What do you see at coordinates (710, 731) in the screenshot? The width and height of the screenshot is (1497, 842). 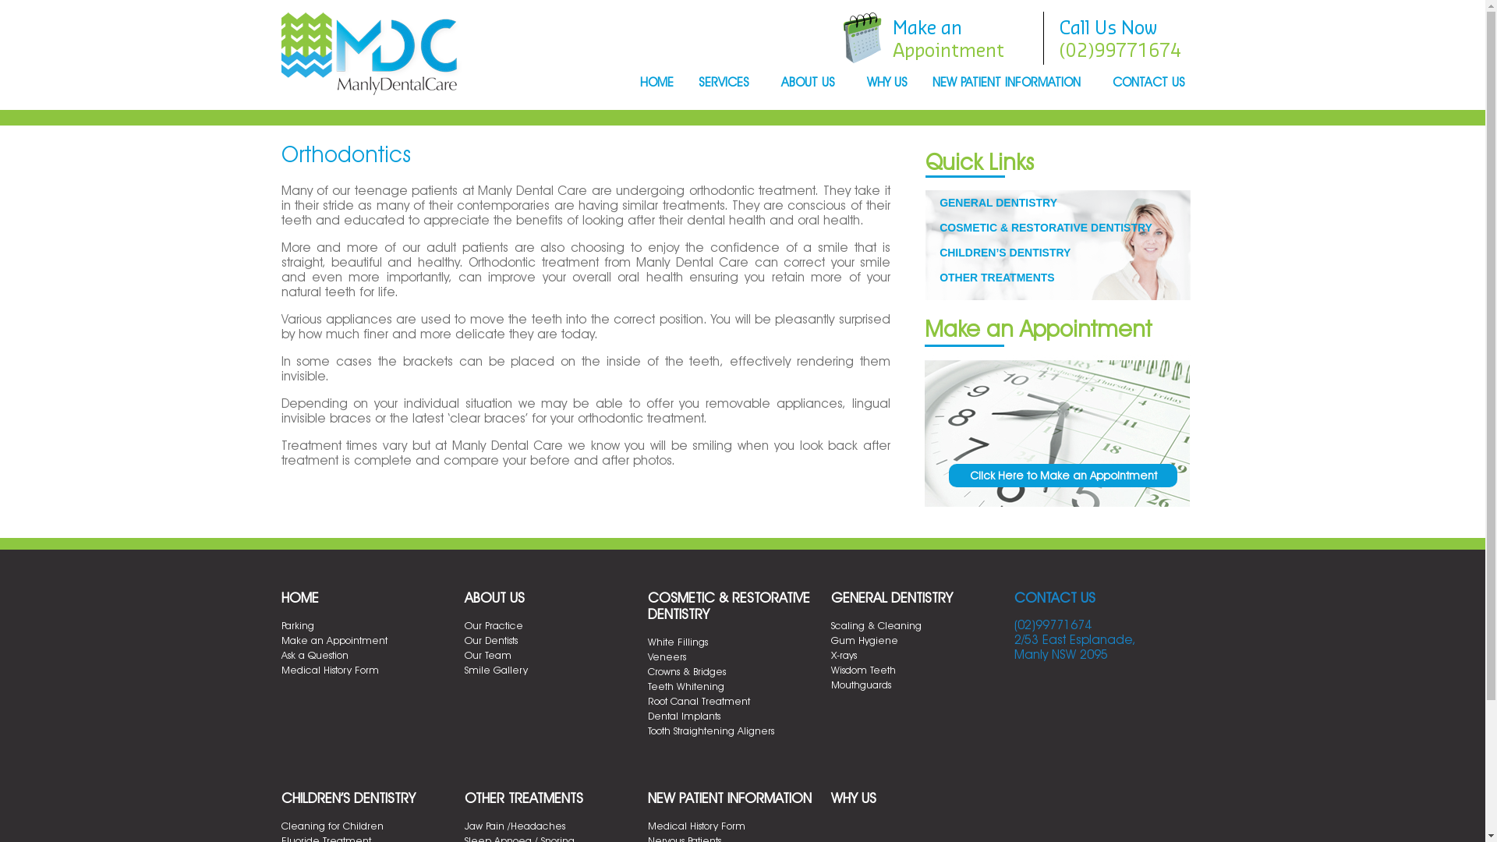 I see `'Tooth Straightening Aligners'` at bounding box center [710, 731].